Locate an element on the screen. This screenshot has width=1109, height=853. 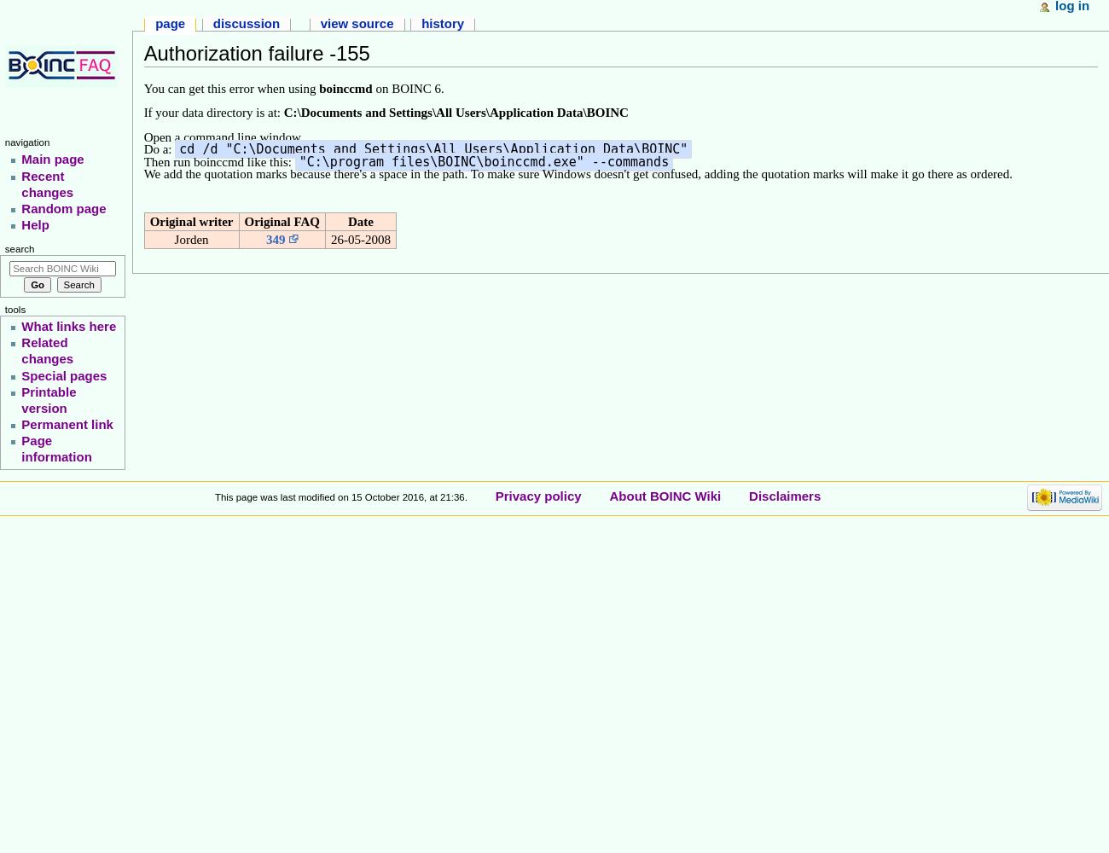
'Main page' is located at coordinates (20, 159).